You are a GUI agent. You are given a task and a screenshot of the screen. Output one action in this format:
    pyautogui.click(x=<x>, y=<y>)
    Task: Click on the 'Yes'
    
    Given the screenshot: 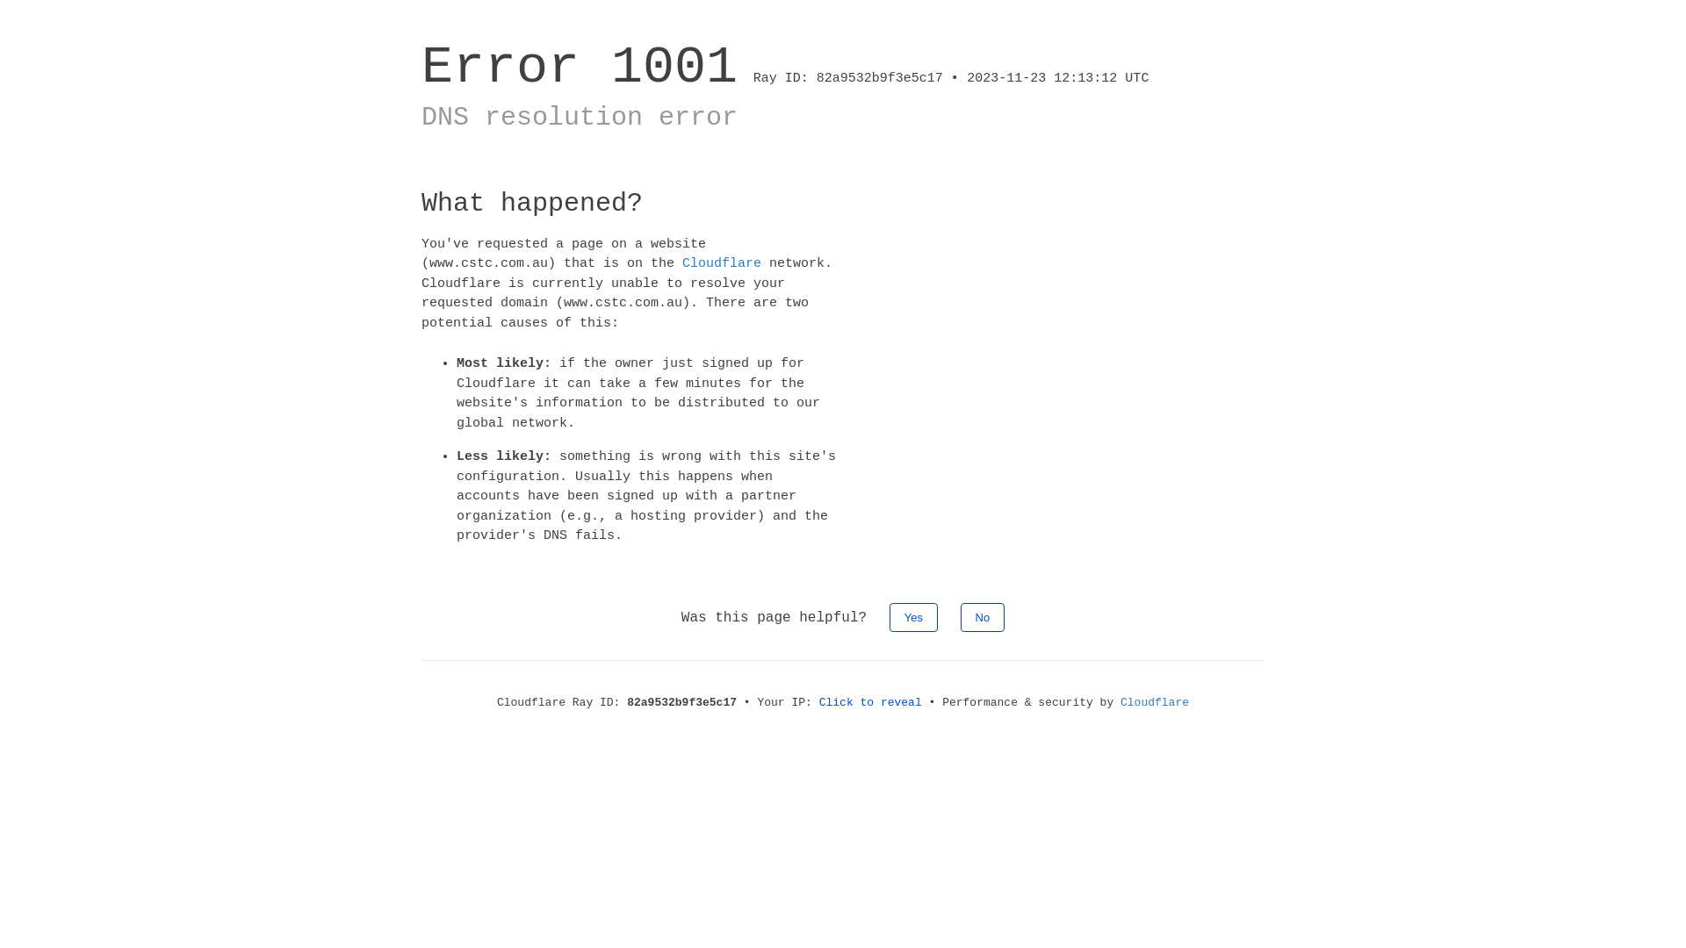 What is the action you would take?
    pyautogui.click(x=913, y=615)
    